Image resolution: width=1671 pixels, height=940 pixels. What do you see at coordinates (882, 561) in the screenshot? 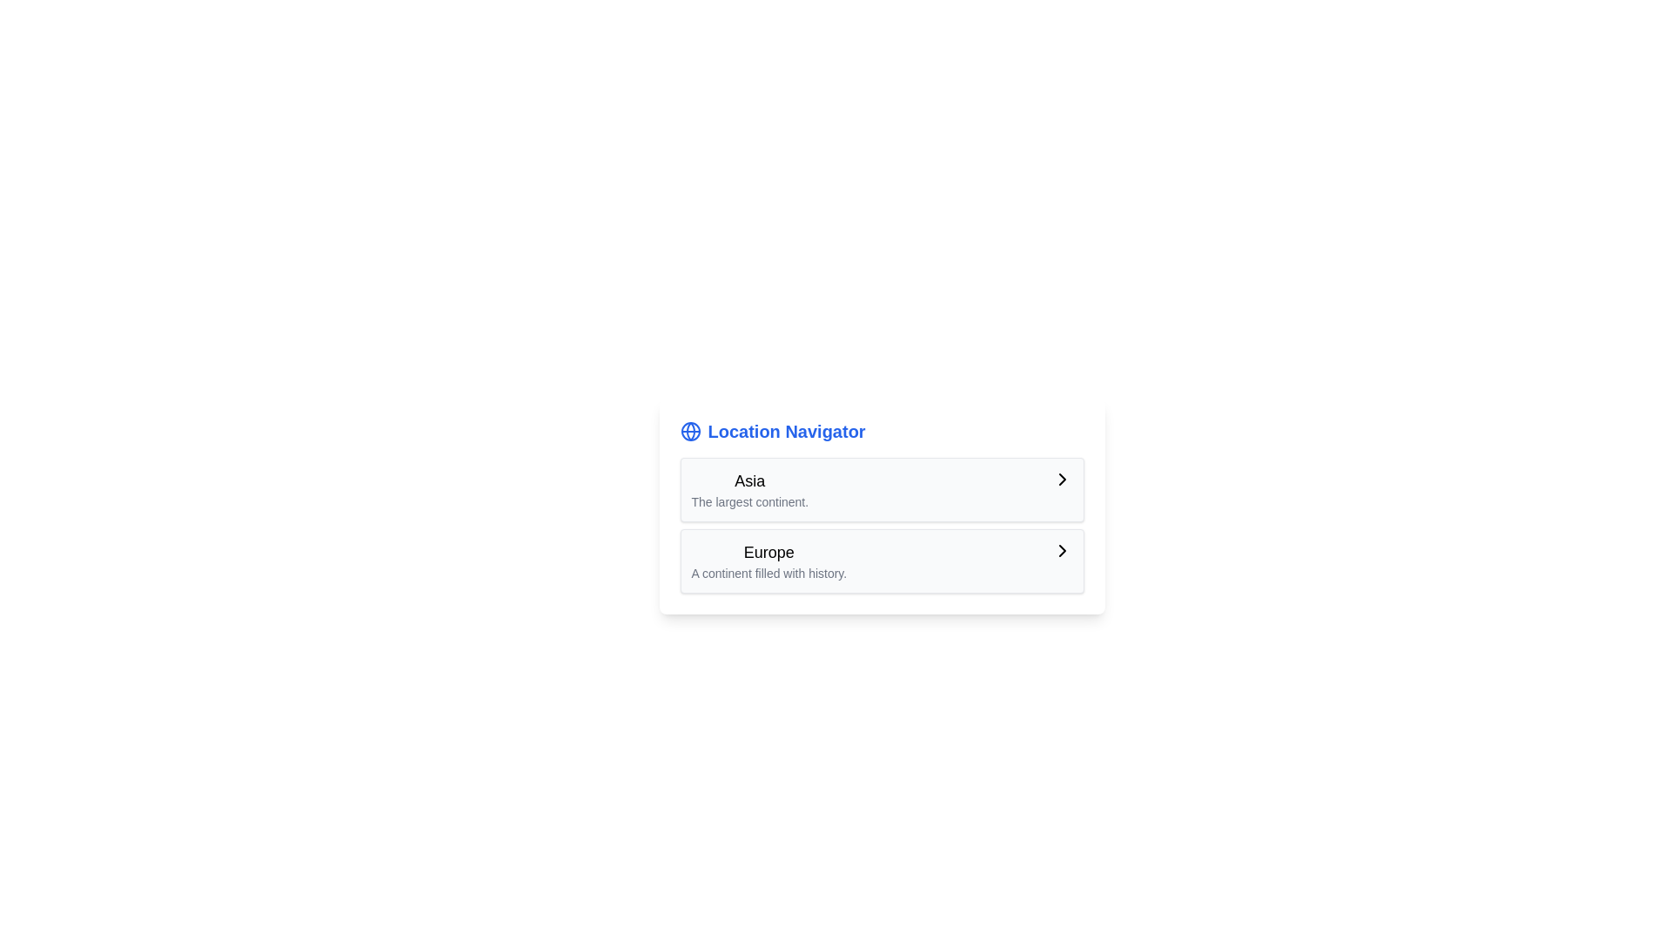
I see `the List item representing the 'Europe' region for additional interaction` at bounding box center [882, 561].